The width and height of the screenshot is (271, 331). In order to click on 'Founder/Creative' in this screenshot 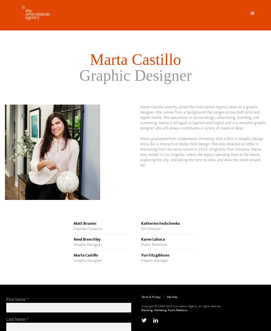, I will do `click(88, 228)`.